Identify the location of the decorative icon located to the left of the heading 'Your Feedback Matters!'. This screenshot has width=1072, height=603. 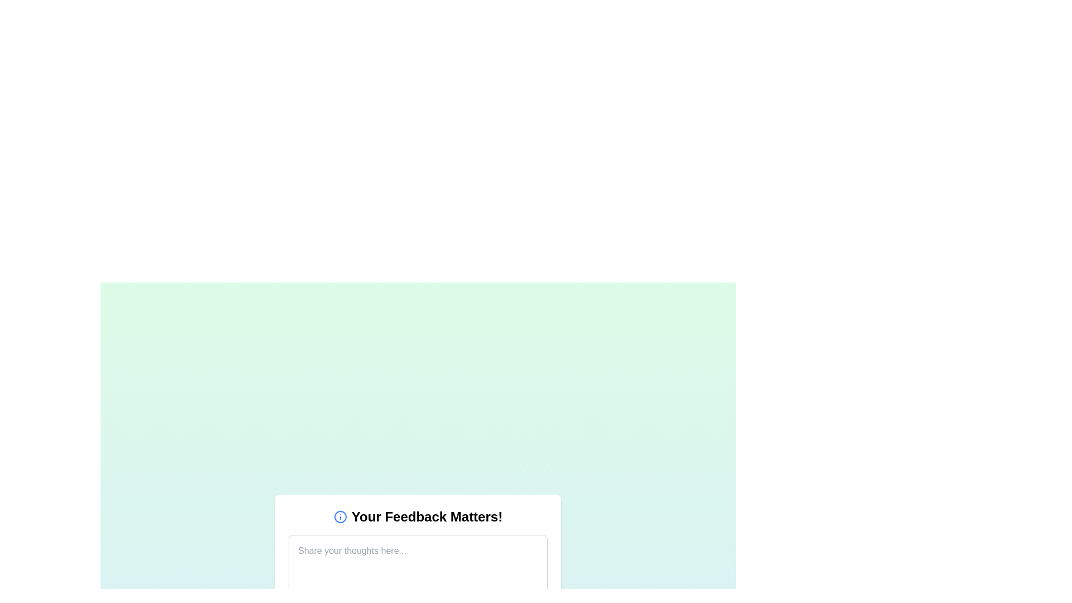
(339, 516).